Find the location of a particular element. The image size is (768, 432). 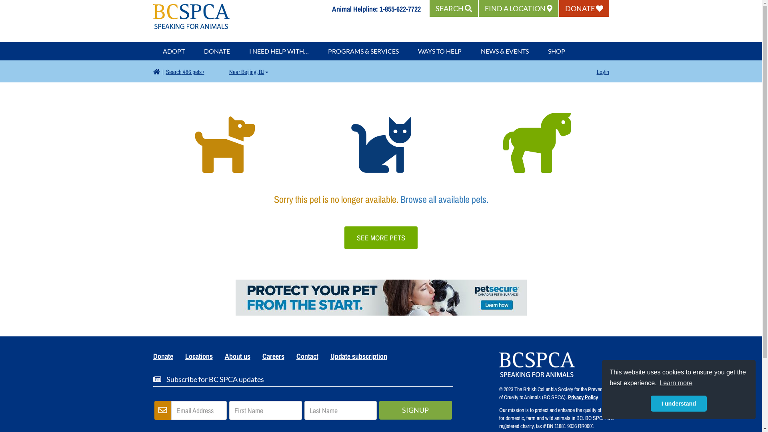

'SIGNUP' is located at coordinates (415, 410).